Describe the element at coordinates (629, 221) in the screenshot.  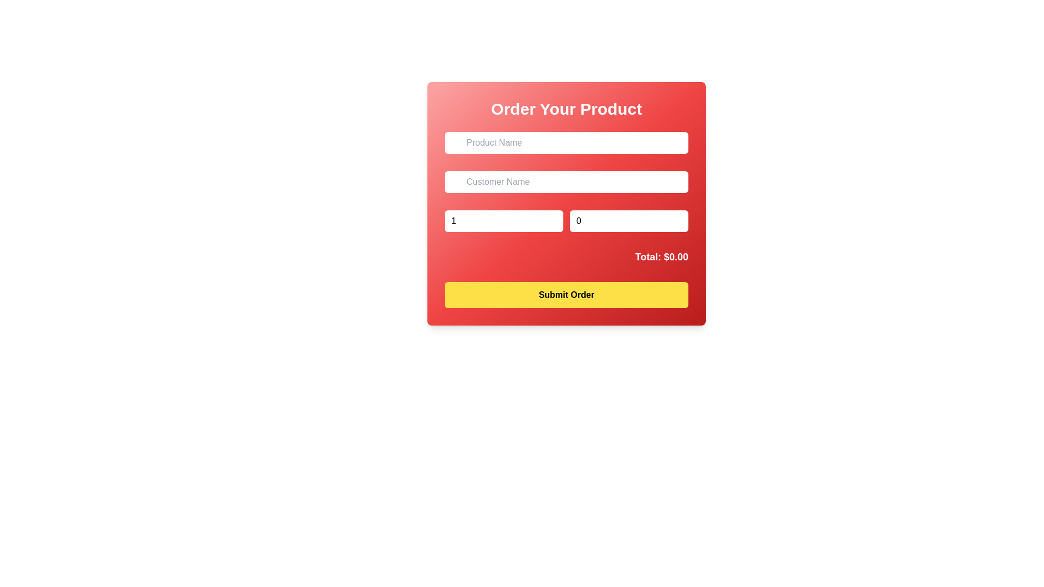
I see `the input box labeled 'Price per Unit', which is a rectangular box with a white background and thin rounded corners, located in the lower part of the form` at that location.